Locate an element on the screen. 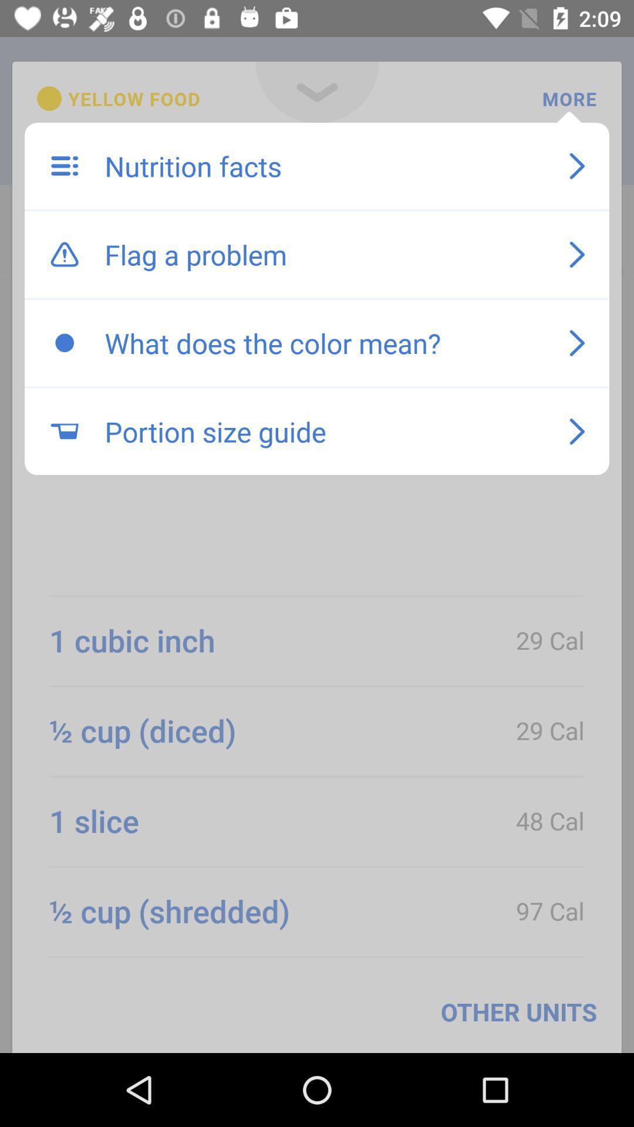 The height and width of the screenshot is (1127, 634). the icon below what does the is located at coordinates (325, 431).